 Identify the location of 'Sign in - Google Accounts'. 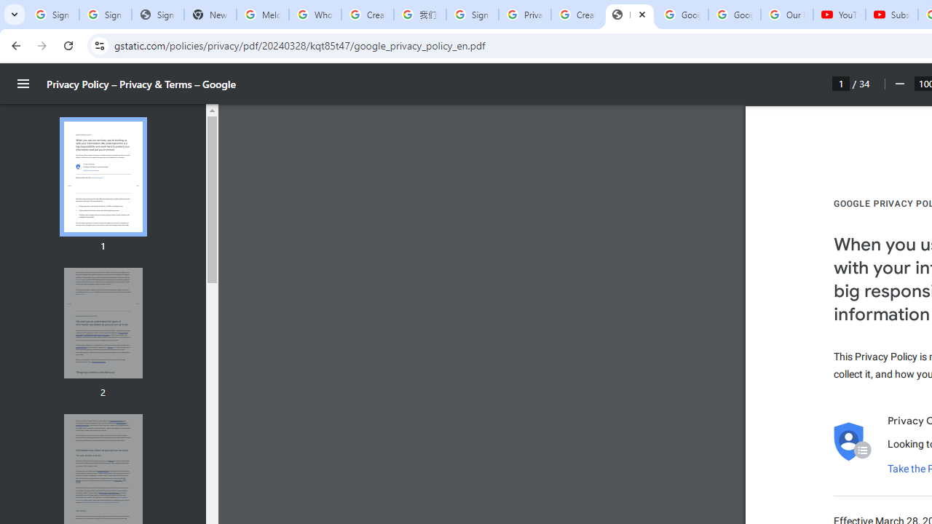
(472, 15).